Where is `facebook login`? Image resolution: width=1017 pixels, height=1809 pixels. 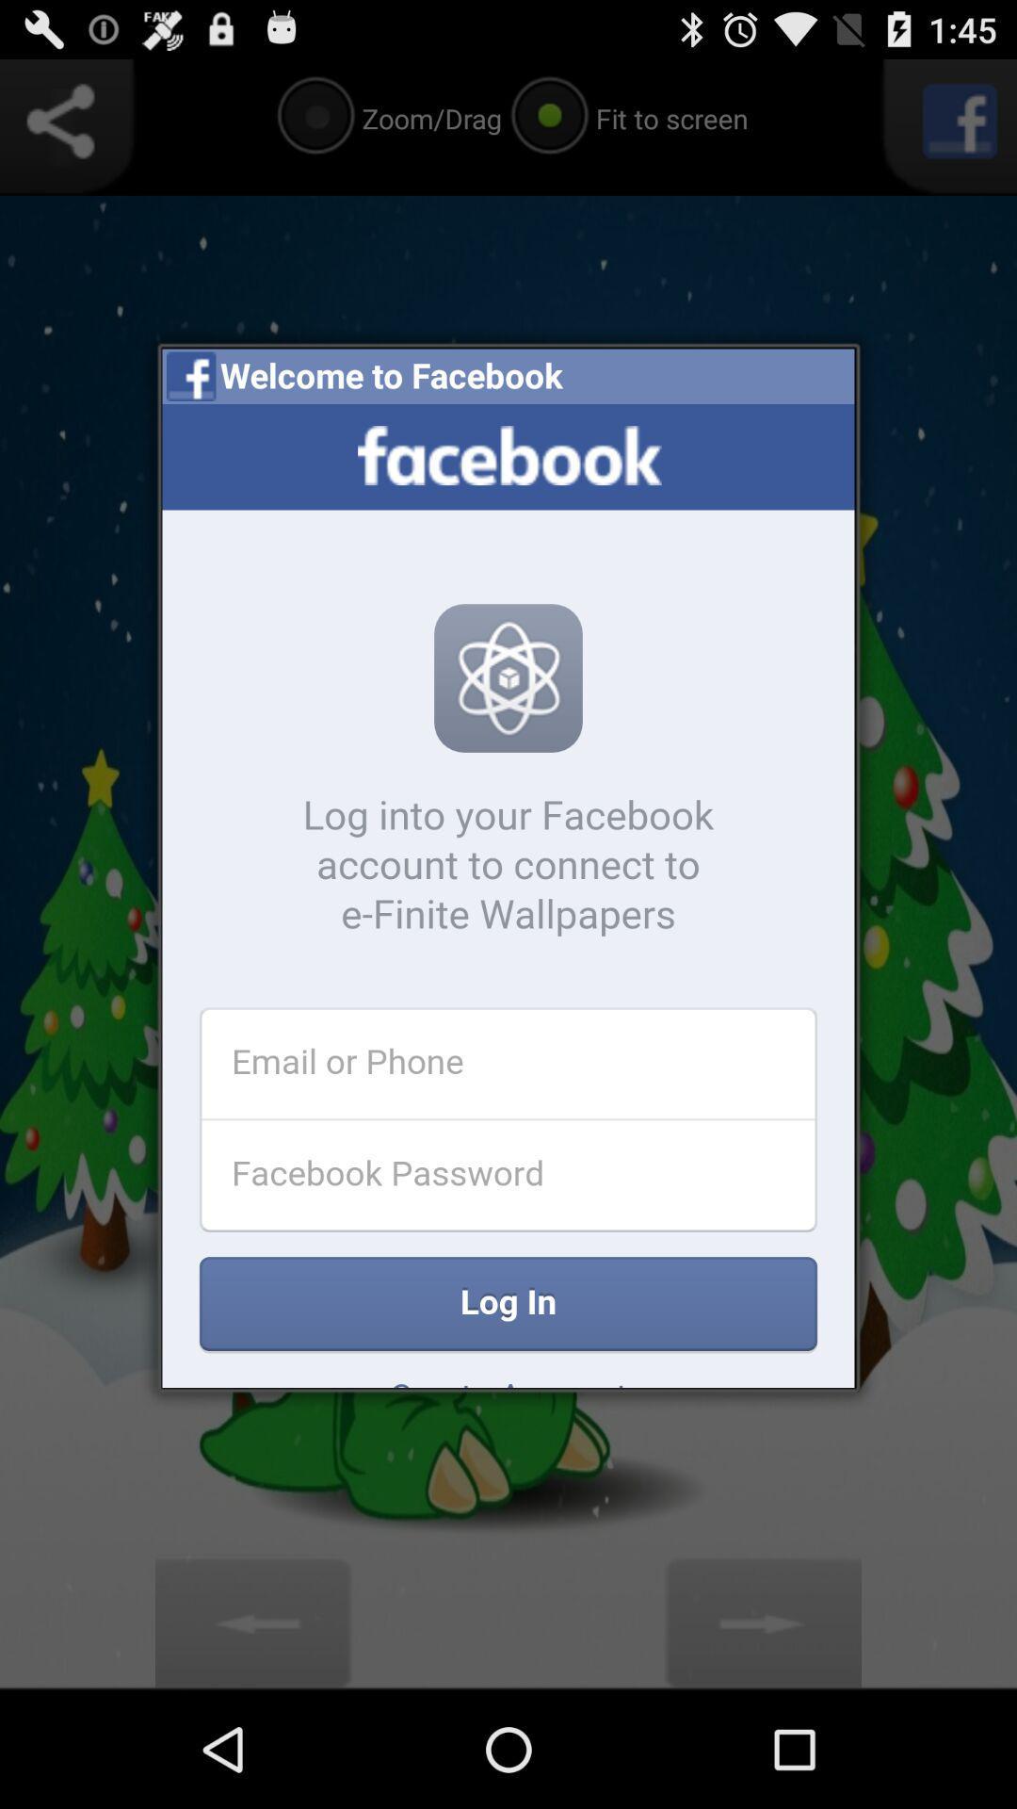 facebook login is located at coordinates (508, 894).